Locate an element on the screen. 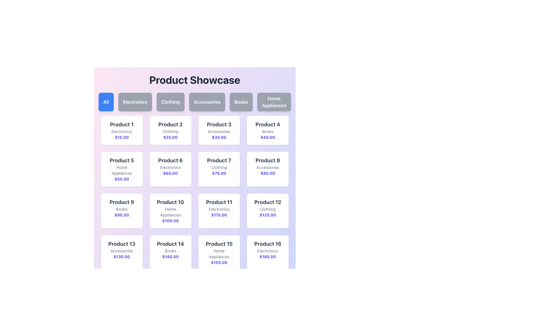  the bold, dark gray text label that displays 'Product 12', located at the top of the product information card is located at coordinates (267, 202).